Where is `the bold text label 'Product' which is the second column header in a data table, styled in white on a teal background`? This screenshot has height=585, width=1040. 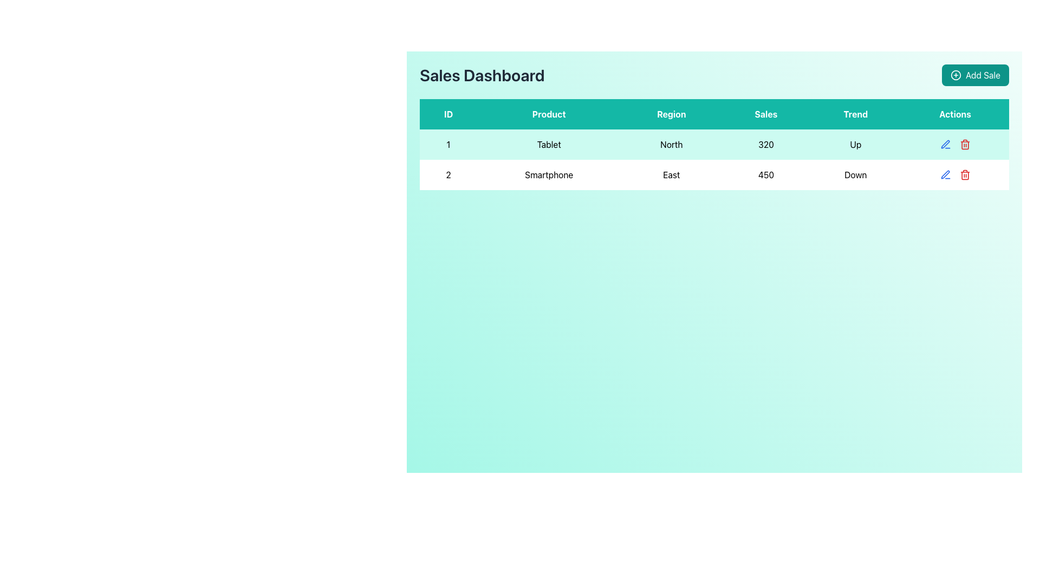 the bold text label 'Product' which is the second column header in a data table, styled in white on a teal background is located at coordinates (549, 114).